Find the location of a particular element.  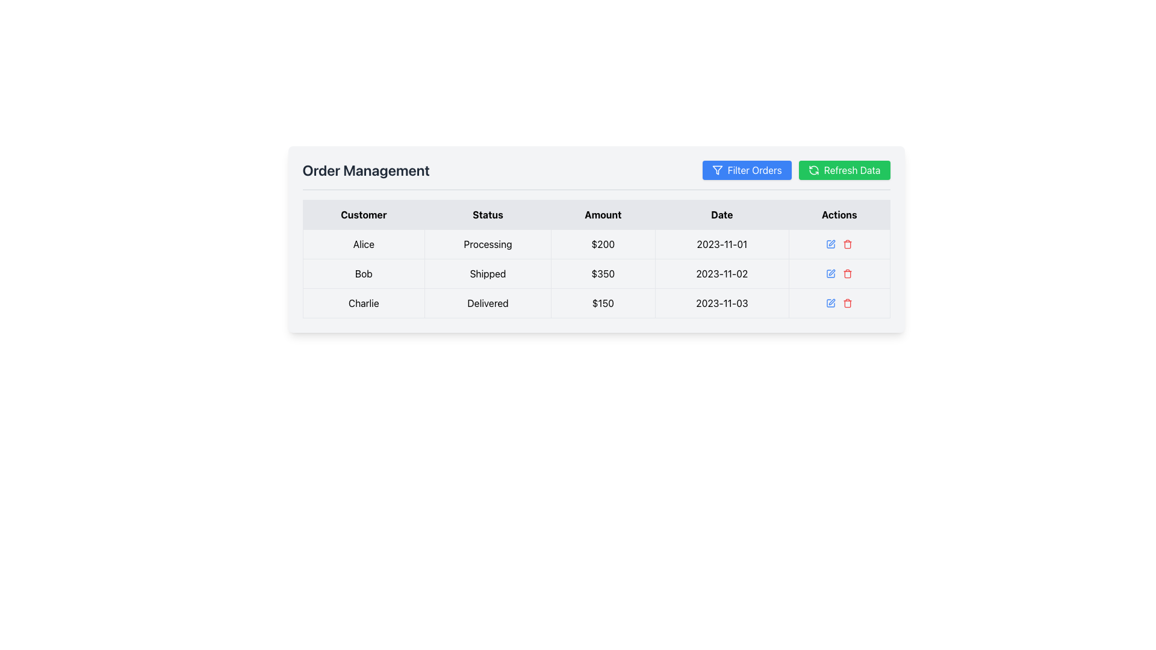

the Table Header Cell containing the bold, centered text 'Actions' in black on a light gray background, positioned at the rightmost within the header row of the data table is located at coordinates (839, 214).